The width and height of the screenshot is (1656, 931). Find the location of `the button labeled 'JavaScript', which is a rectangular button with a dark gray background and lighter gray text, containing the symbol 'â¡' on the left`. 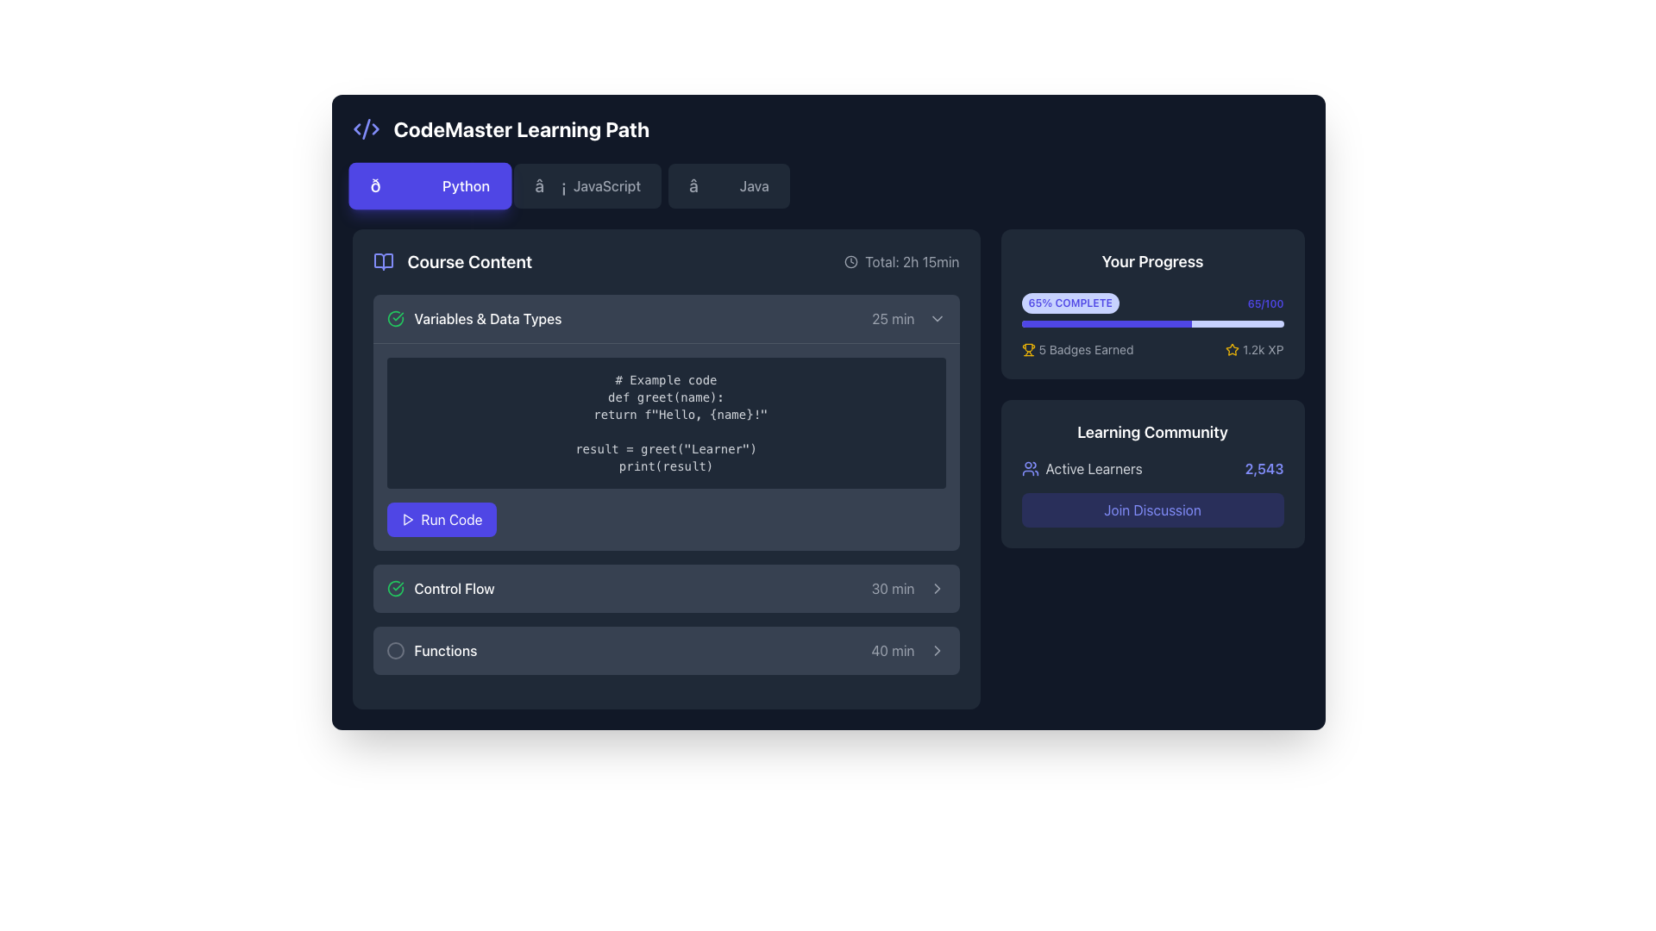

the button labeled 'JavaScript', which is a rectangular button with a dark gray background and lighter gray text, containing the symbol 'â¡' on the left is located at coordinates (587, 186).